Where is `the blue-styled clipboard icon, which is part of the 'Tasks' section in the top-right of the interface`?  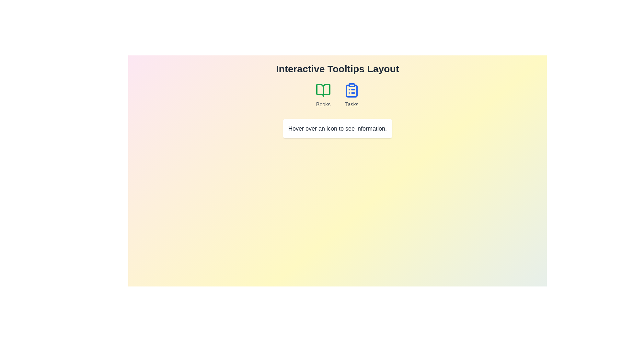 the blue-styled clipboard icon, which is part of the 'Tasks' section in the top-right of the interface is located at coordinates (351, 91).